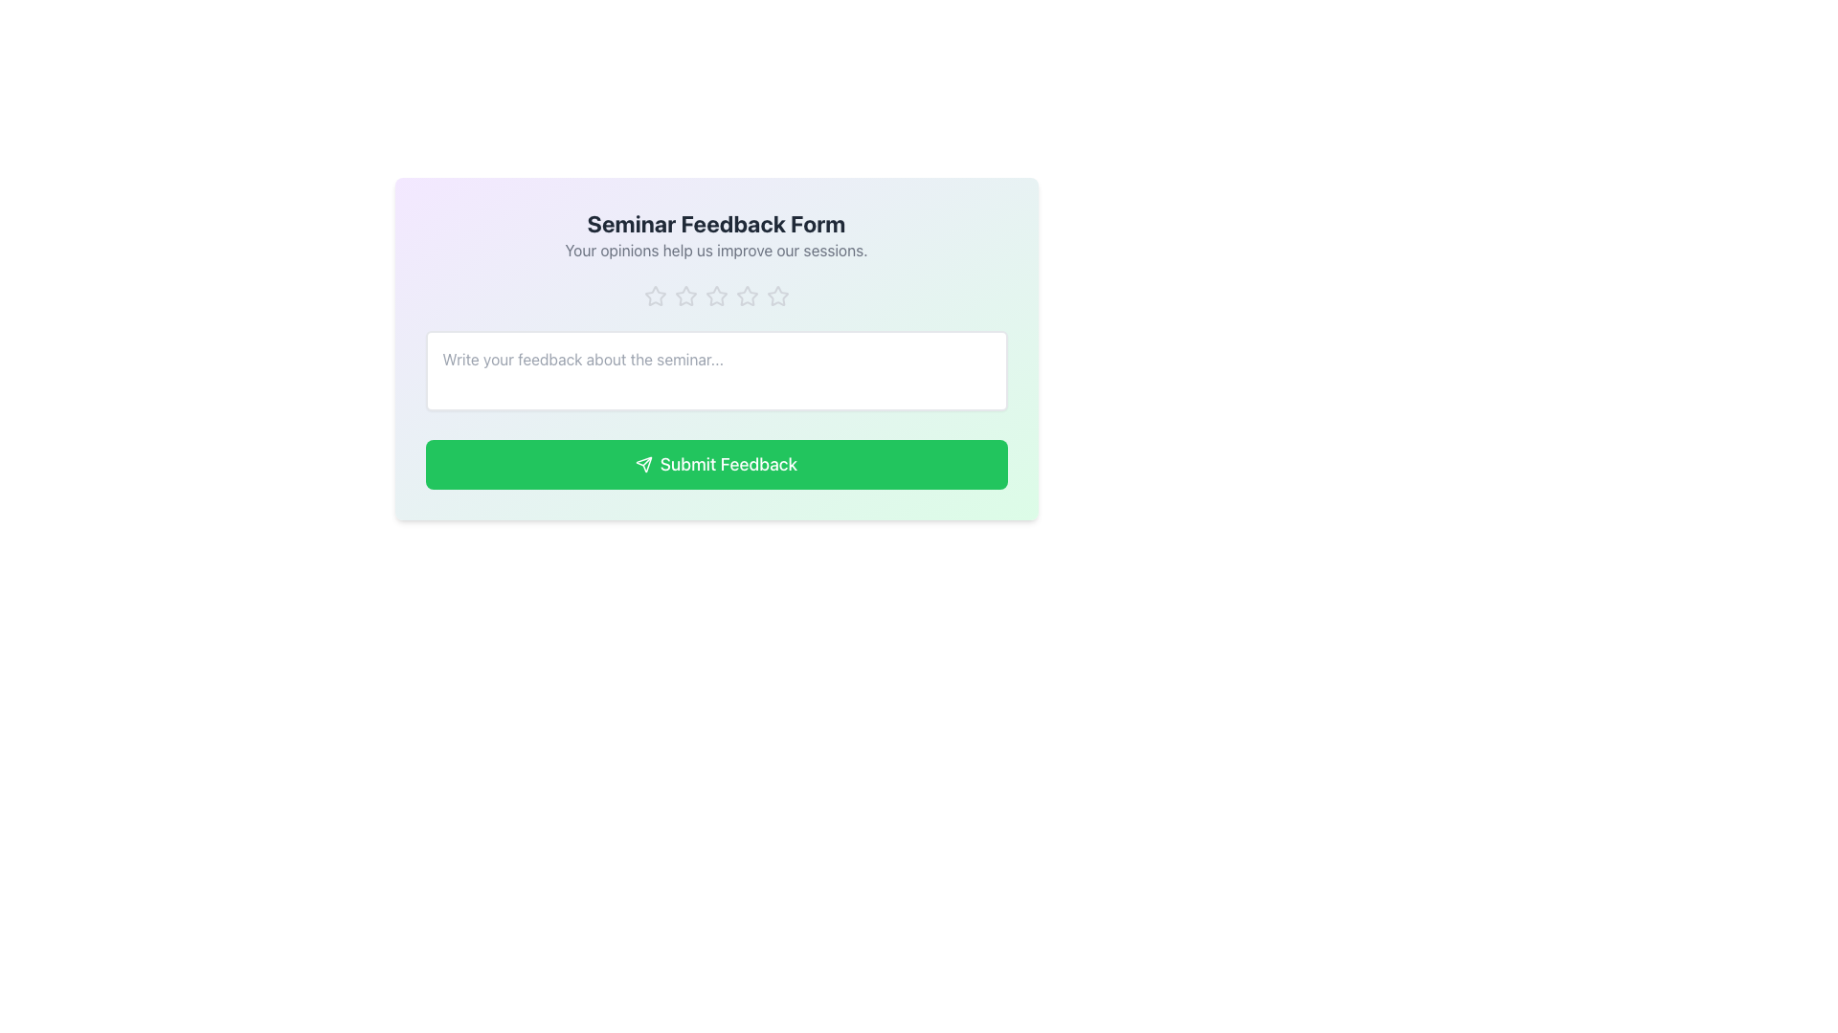  What do you see at coordinates (746, 296) in the screenshot?
I see `from the fourth star in the rating sequence` at bounding box center [746, 296].